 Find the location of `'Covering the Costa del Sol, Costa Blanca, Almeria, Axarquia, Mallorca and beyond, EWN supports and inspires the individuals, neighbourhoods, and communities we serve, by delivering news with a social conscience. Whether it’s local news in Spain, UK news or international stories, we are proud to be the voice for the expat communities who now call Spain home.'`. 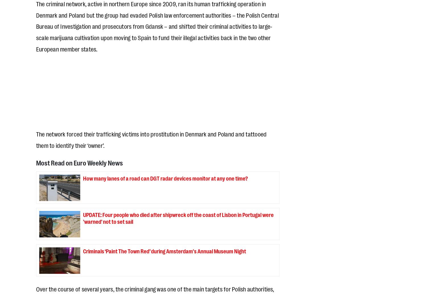

'Covering the Costa del Sol, Costa Blanca, Almeria, Axarquia, Mallorca and beyond, EWN supports and inspires the individuals, neighbourhoods, and communities we serve, by delivering news with a social conscience. Whether it’s local news in Spain, UK news or international stories, we are proud to be the voice for the expat communities who now call Spain home.' is located at coordinates (152, 157).